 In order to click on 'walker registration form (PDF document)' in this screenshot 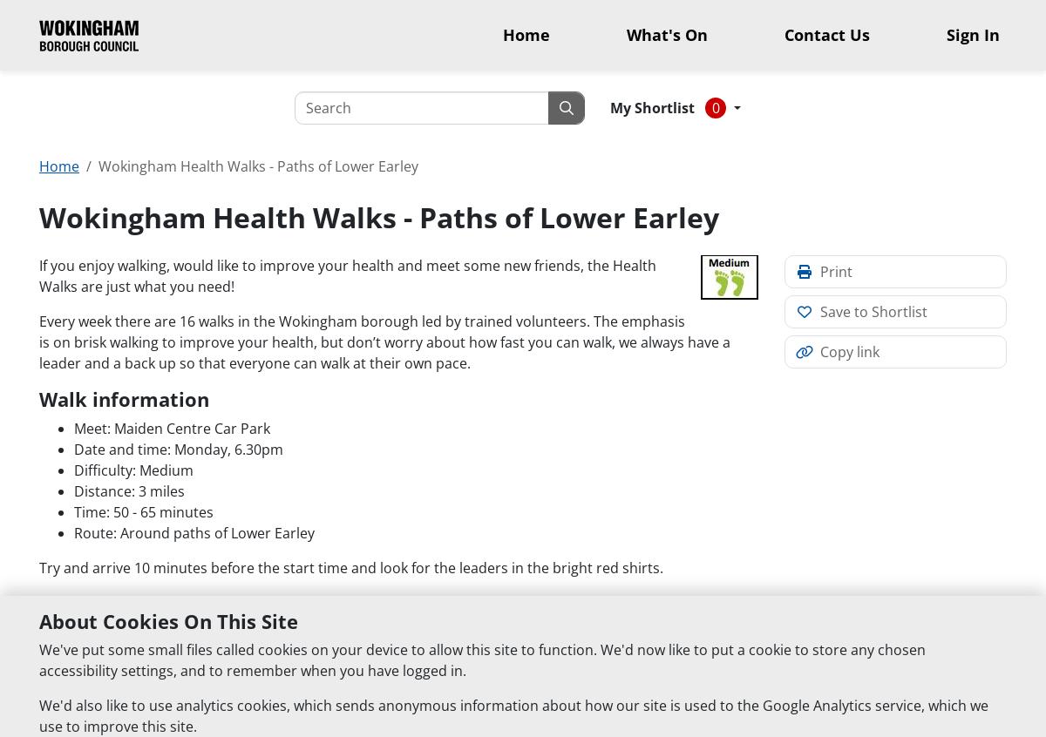, I will do `click(275, 632)`.